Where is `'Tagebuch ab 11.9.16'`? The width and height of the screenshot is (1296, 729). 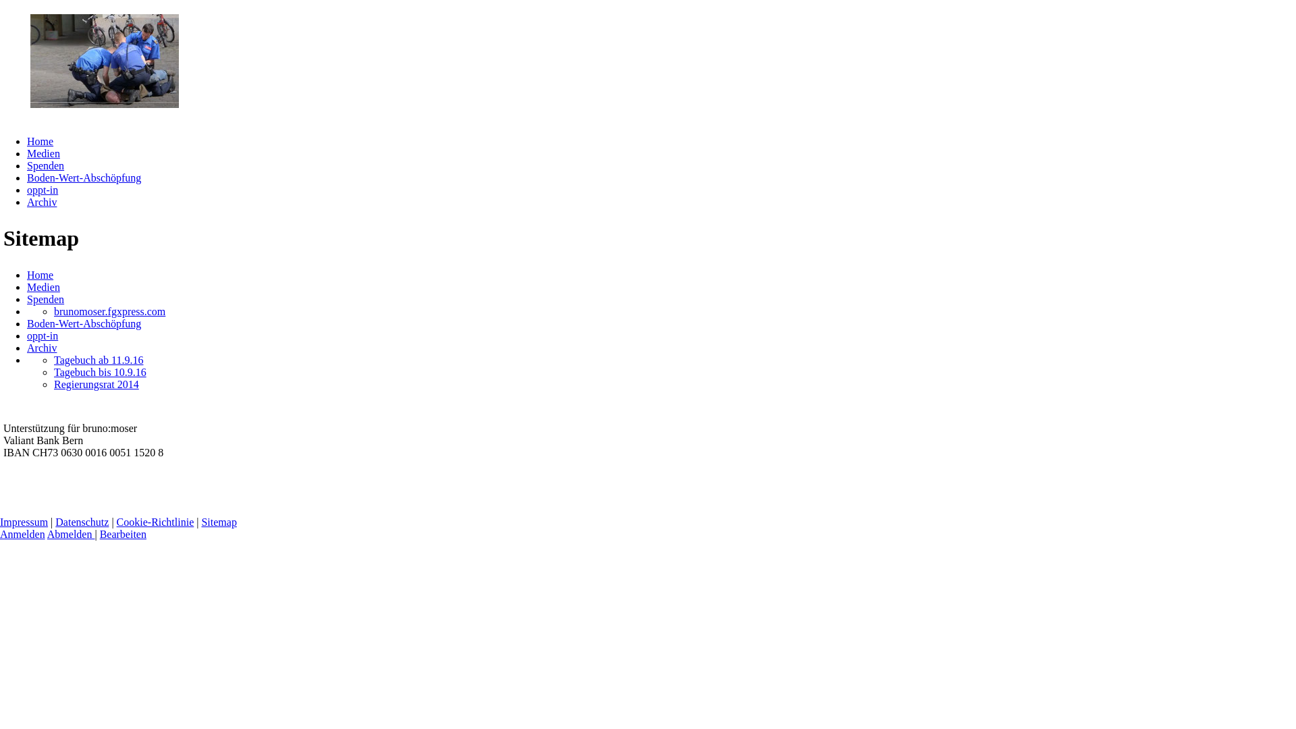
'Tagebuch ab 11.9.16' is located at coordinates (97, 359).